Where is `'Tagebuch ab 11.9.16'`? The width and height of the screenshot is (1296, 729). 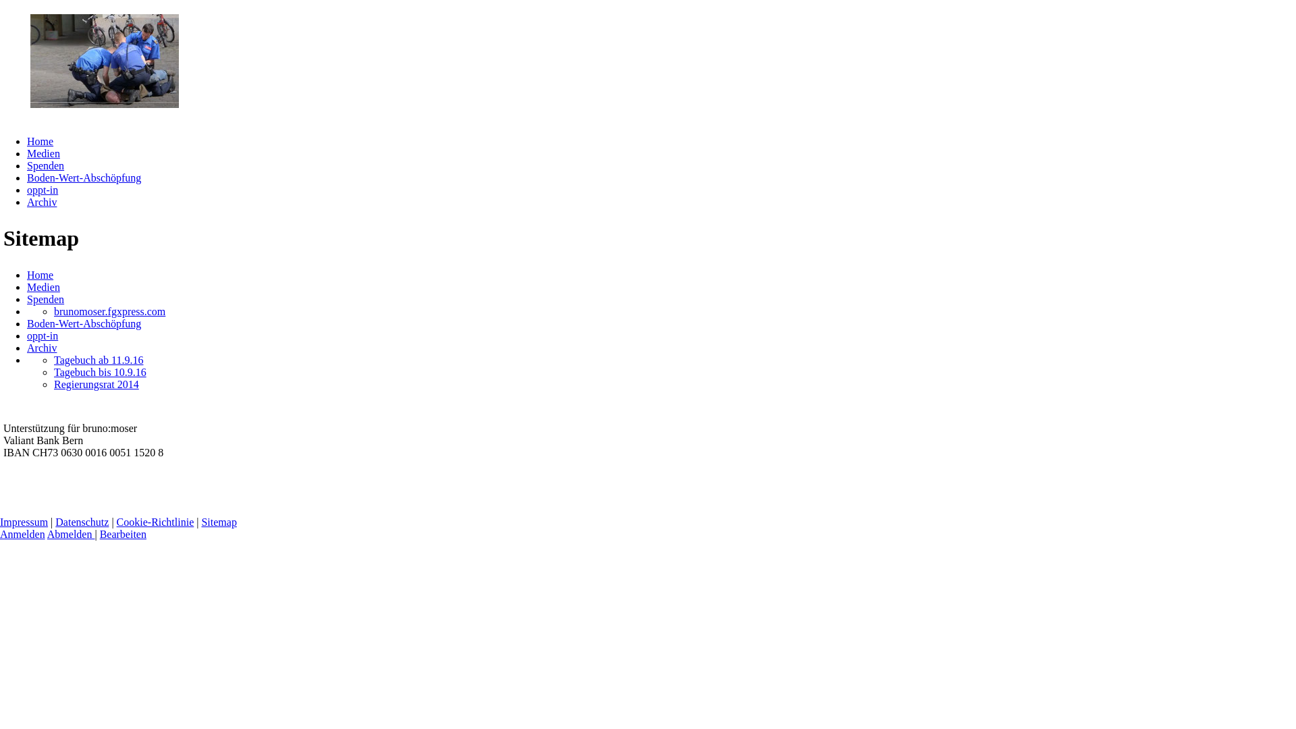
'Tagebuch ab 11.9.16' is located at coordinates (97, 359).